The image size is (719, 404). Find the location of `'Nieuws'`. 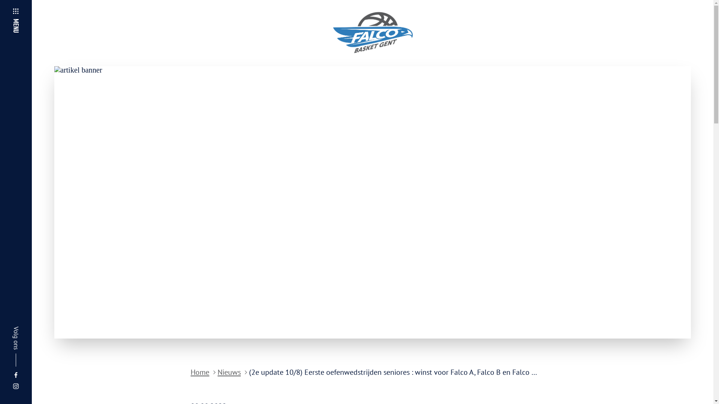

'Nieuws' is located at coordinates (228, 372).